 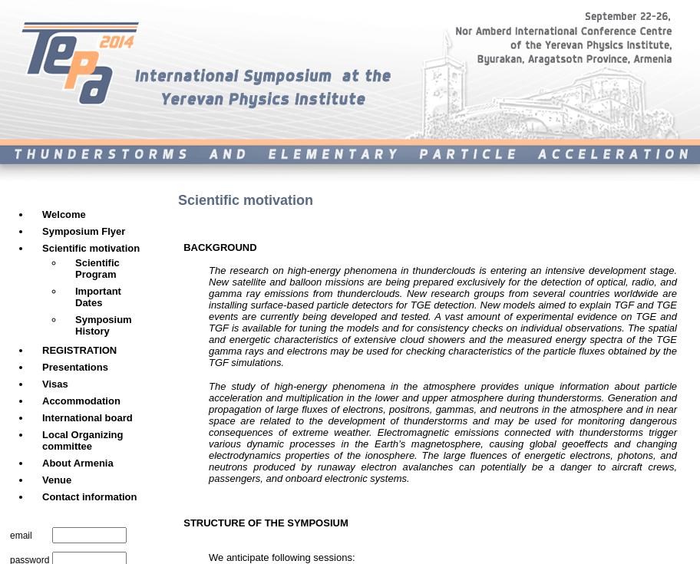 What do you see at coordinates (41, 440) in the screenshot?
I see `'Local Organizing committee'` at bounding box center [41, 440].